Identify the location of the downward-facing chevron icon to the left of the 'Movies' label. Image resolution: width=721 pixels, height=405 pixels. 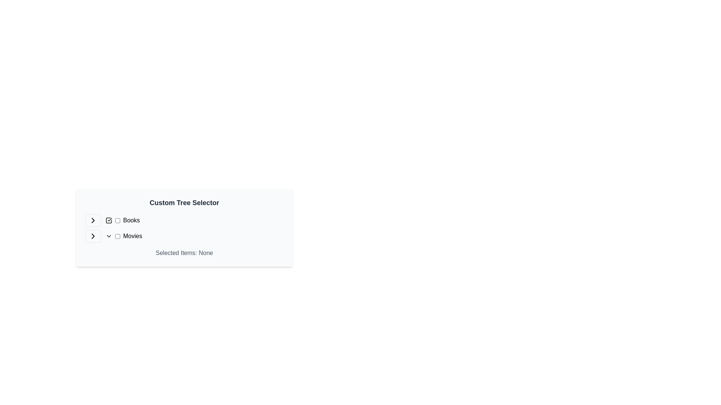
(108, 235).